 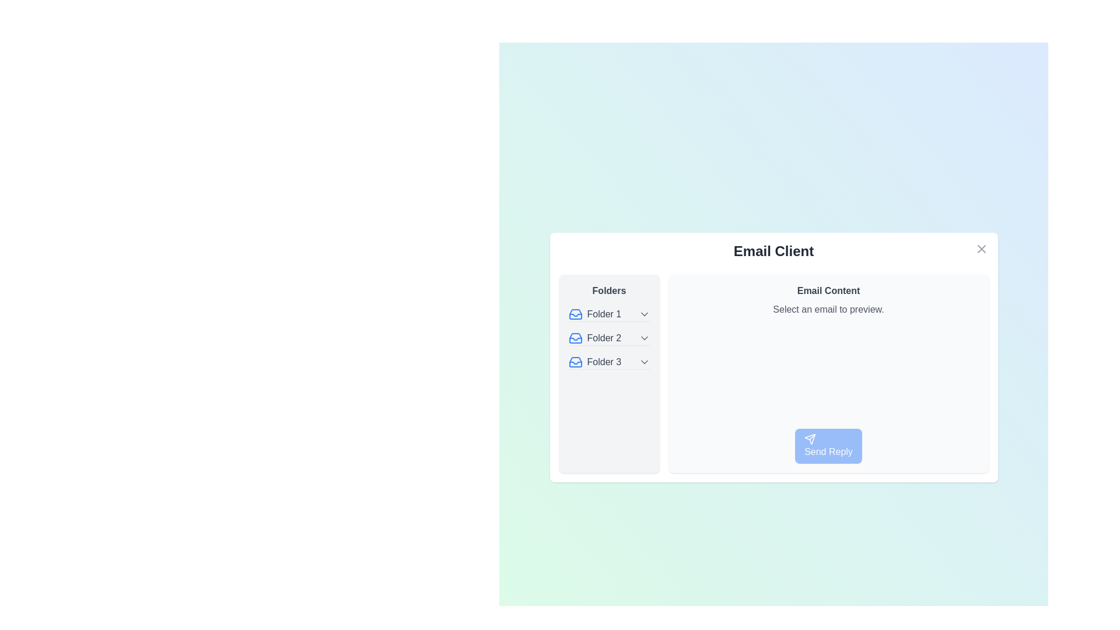 I want to click on the static text label 'Folder 1' that is styled with a medium-weight font and gray color, located next to a folder icon in the top-left panel of the 'Folders' section, so click(x=604, y=314).